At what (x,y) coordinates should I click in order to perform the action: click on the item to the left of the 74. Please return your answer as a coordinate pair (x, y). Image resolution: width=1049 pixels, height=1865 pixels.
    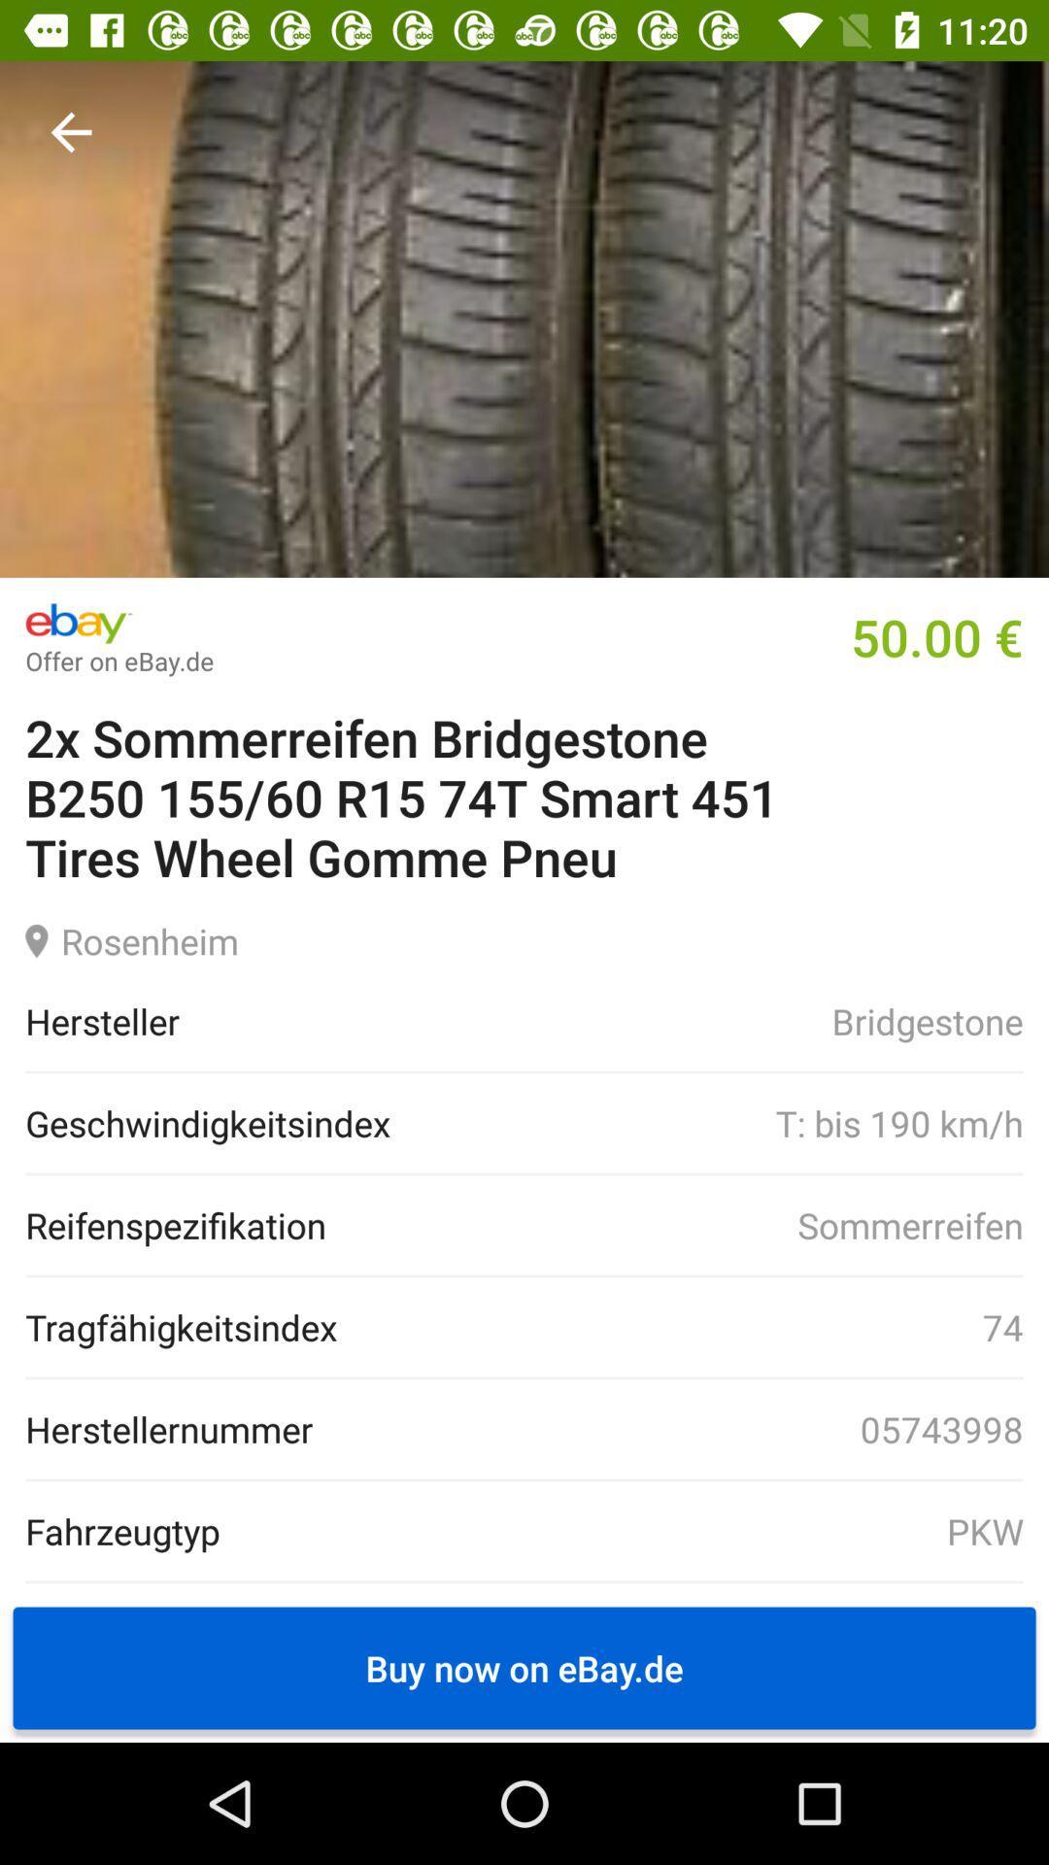
    Looking at the image, I should click on (181, 1326).